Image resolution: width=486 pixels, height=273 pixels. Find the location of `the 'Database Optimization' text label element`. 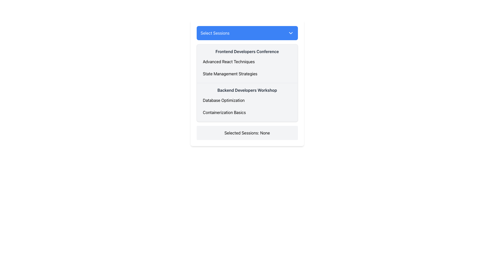

the 'Database Optimization' text label element is located at coordinates (223, 100).